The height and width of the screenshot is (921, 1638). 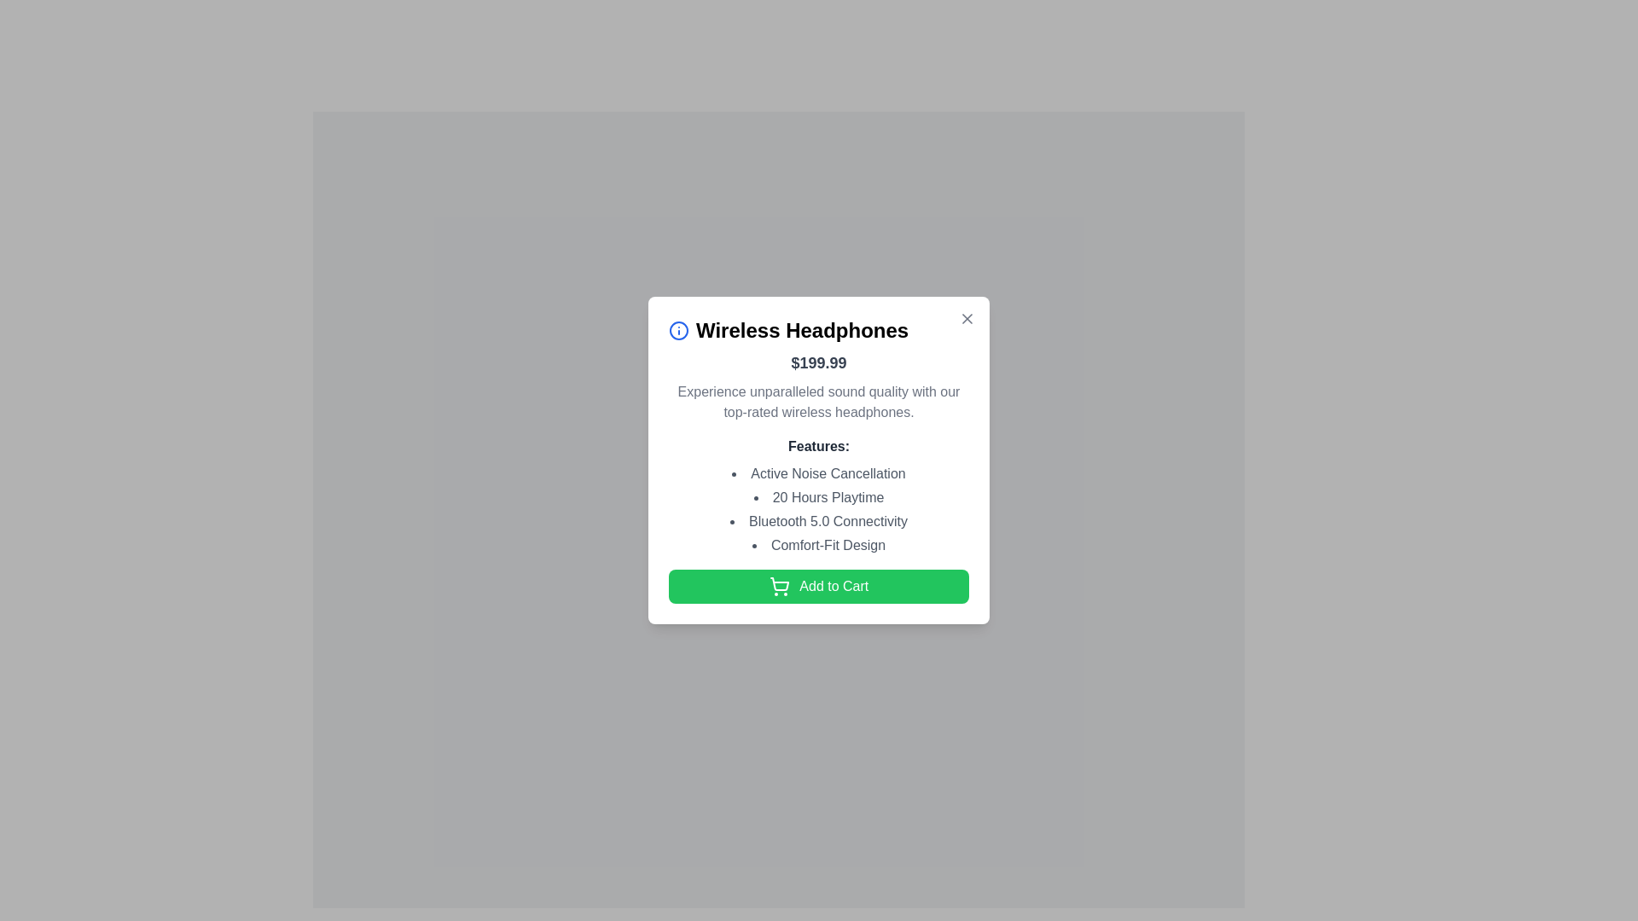 What do you see at coordinates (777, 572) in the screenshot?
I see `the button that allows users` at bounding box center [777, 572].